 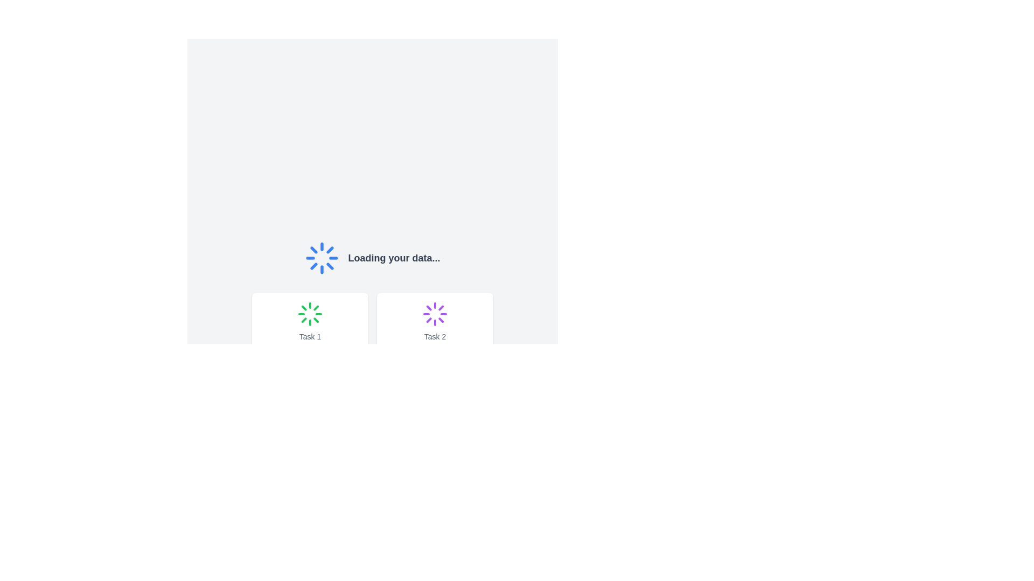 What do you see at coordinates (310, 336) in the screenshot?
I see `text label displaying 'Task 1', which is styled with a smaller font size and medium weight, located at the center of the first card on the left side of a horizontally-aligned layout` at bounding box center [310, 336].